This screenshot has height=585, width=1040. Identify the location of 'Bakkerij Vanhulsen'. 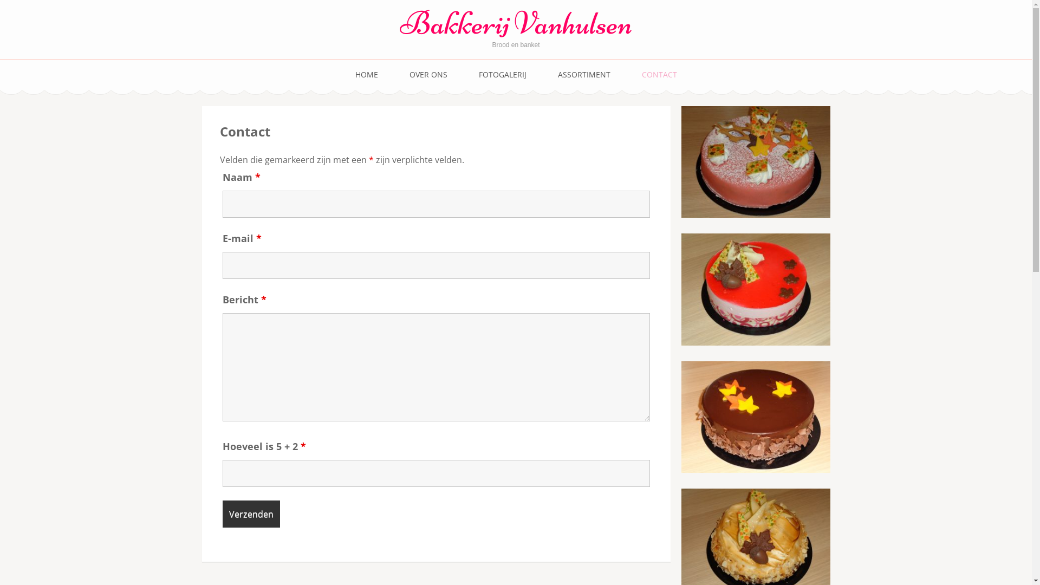
(515, 23).